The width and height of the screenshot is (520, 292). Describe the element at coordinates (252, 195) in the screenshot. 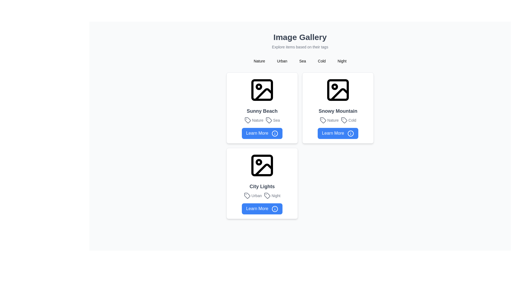

I see `text 'Urban' displayed in a regular font style and size, accompanied by a price tag icon, located in the 'City Lights' card under the title 'City Lights'` at that location.